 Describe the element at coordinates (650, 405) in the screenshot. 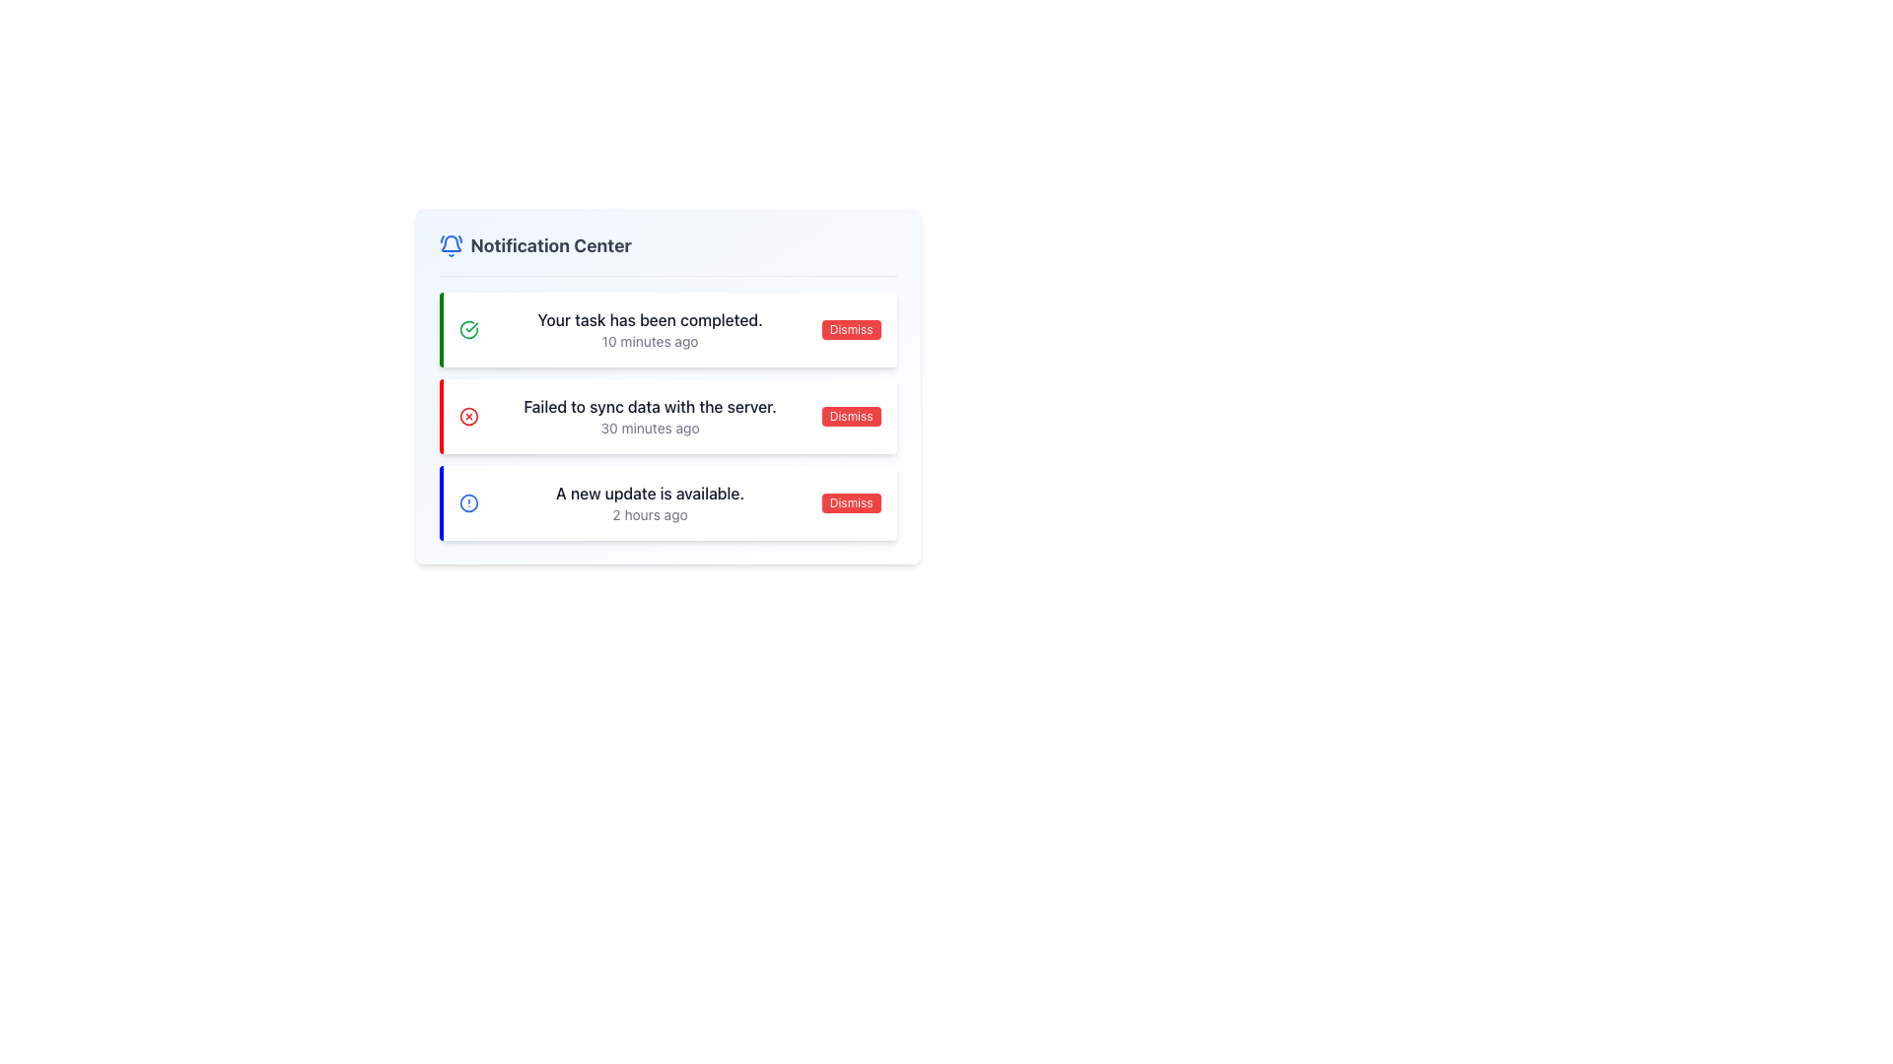

I see `message displayed in the Text Label that informs the user about a specific failure in synchronizing data with the server, located above the '30 minutes ago' text and next to an icon and 'Dismiss' button` at that location.